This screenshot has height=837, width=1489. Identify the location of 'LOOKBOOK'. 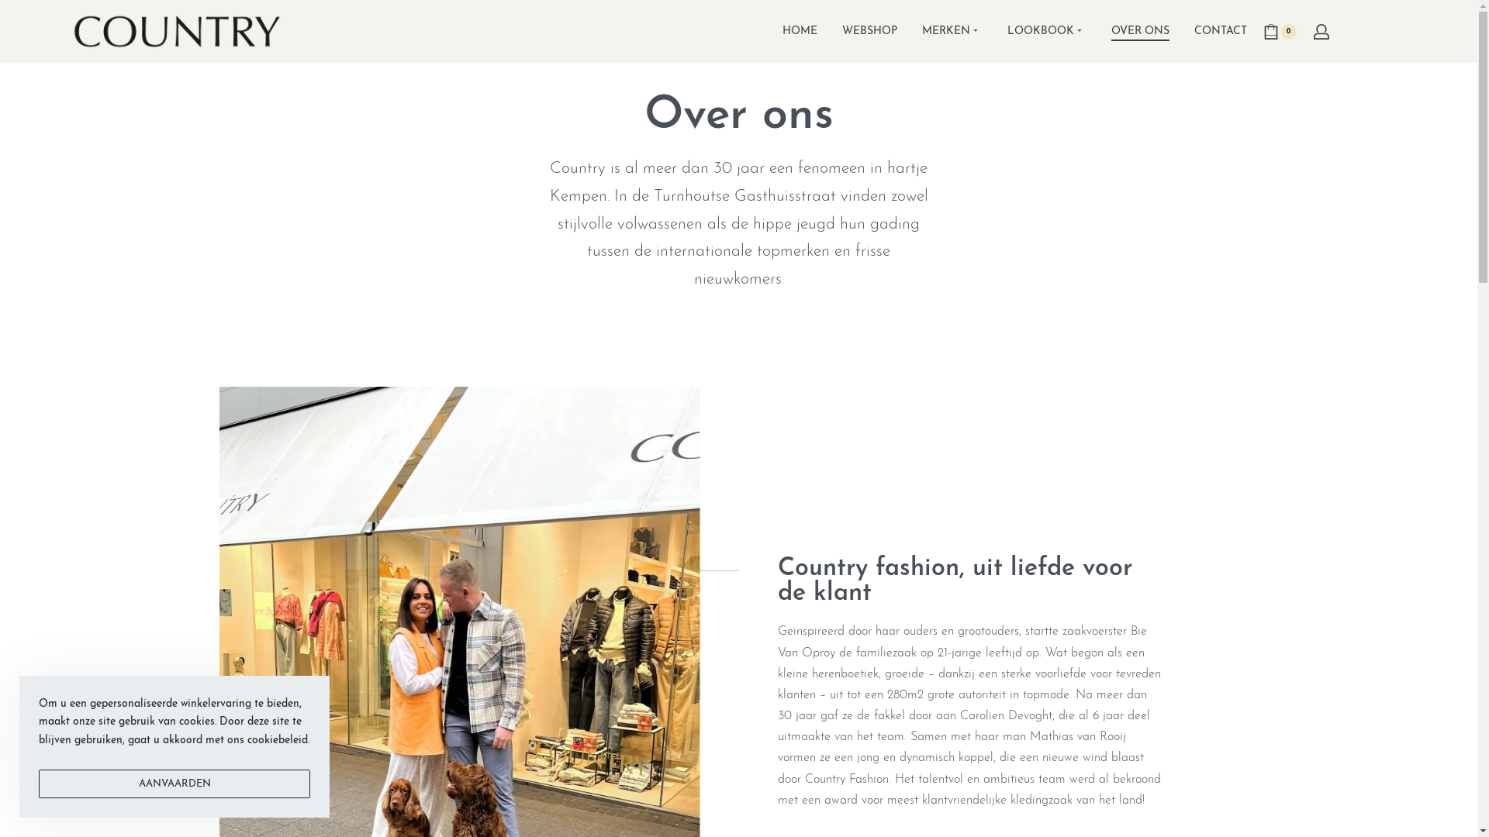
(1045, 32).